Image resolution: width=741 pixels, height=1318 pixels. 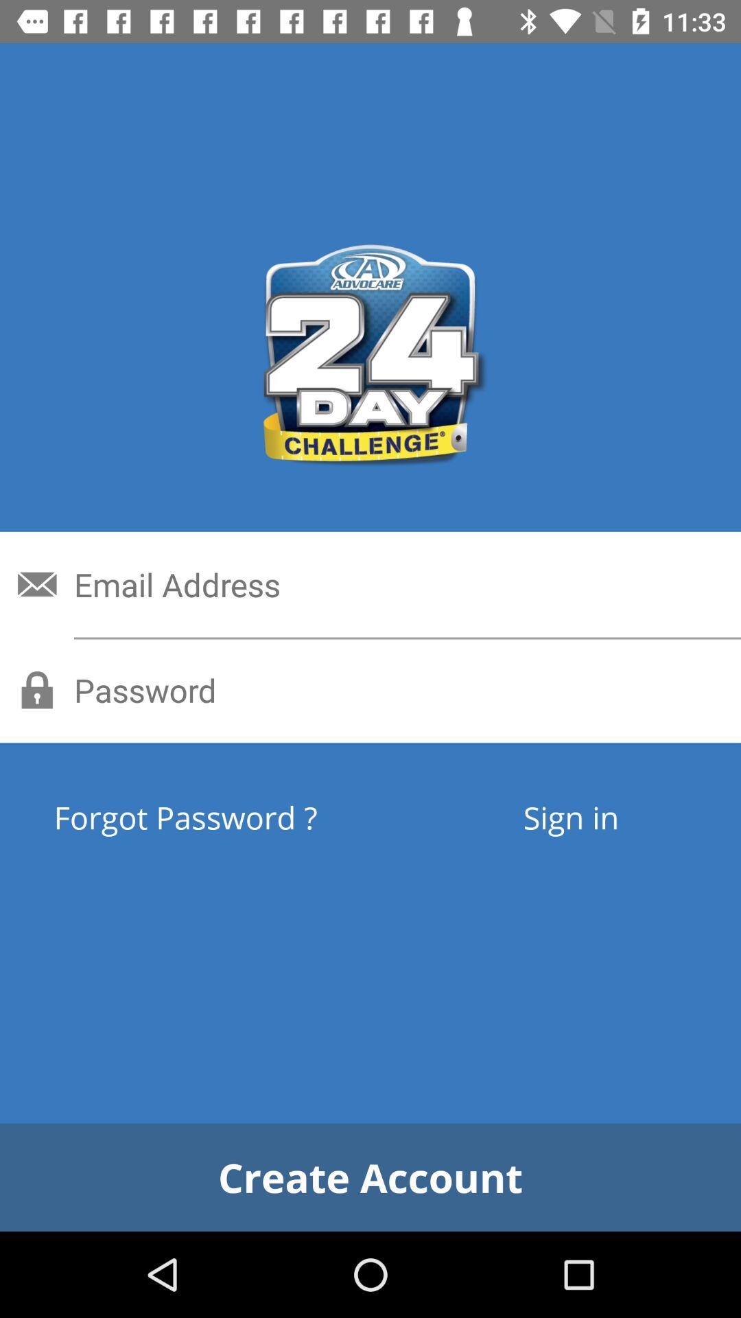 I want to click on create account icon, so click(x=370, y=1177).